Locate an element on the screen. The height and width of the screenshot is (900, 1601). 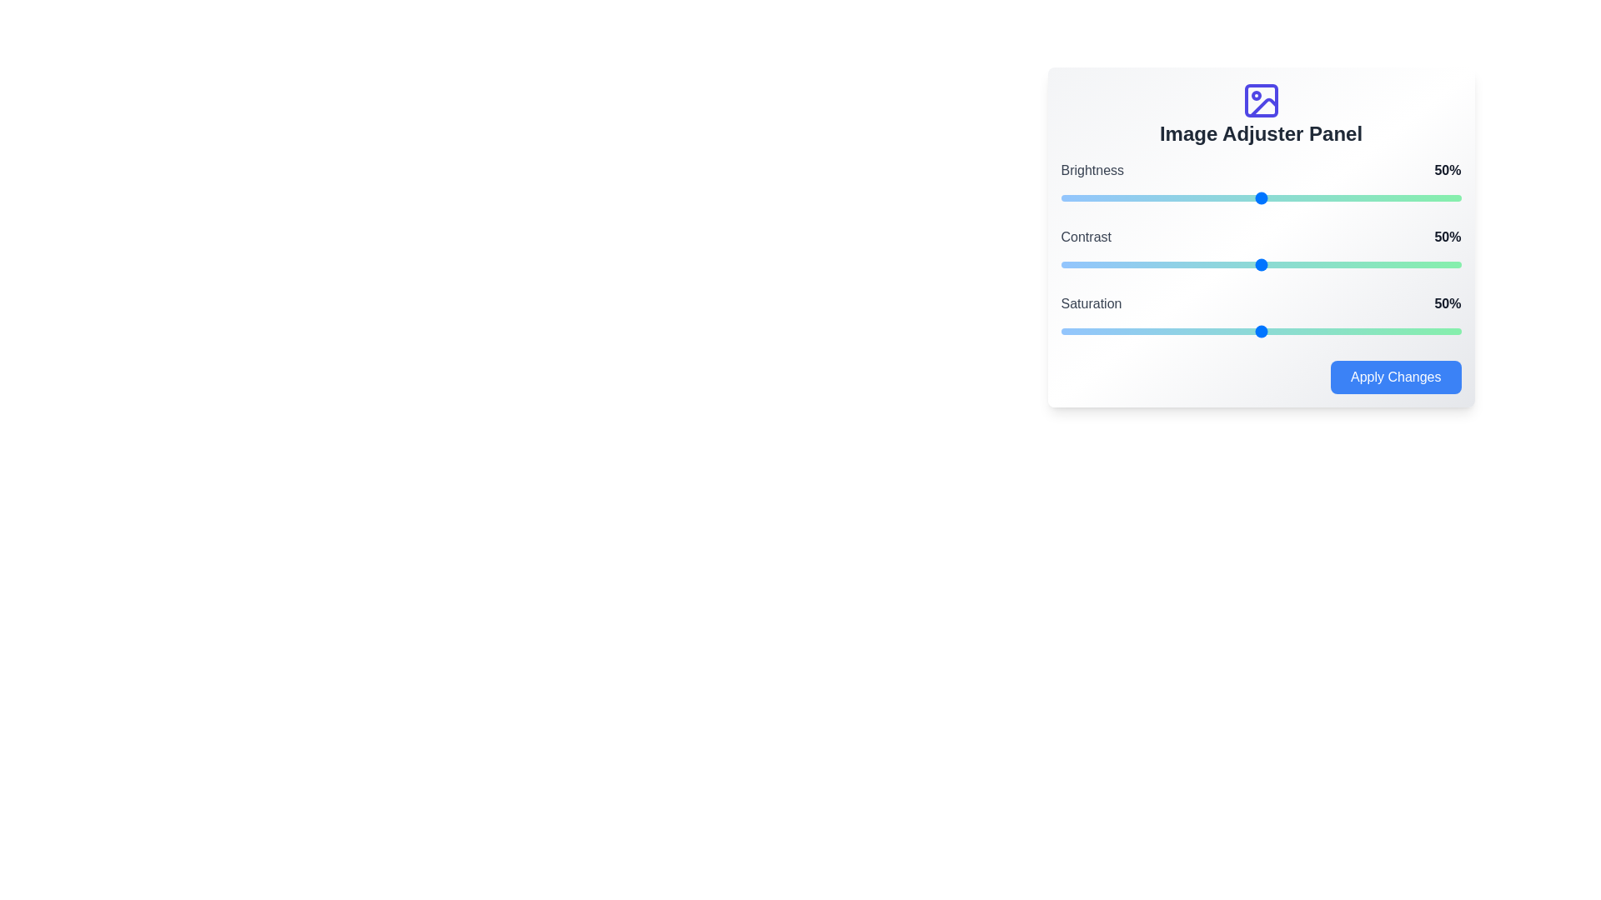
the brightness slider to 2% is located at coordinates (1069, 197).